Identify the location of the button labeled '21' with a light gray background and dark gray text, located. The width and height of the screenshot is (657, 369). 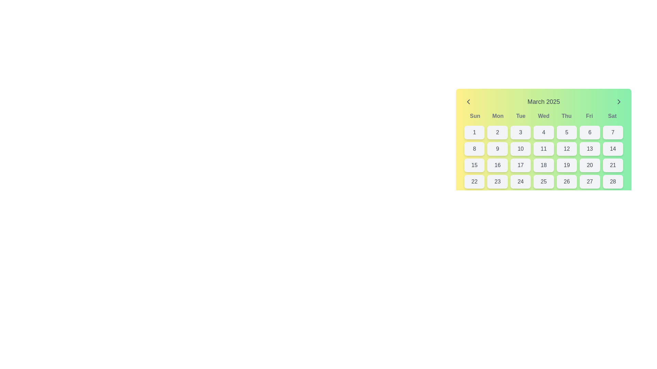
(613, 165).